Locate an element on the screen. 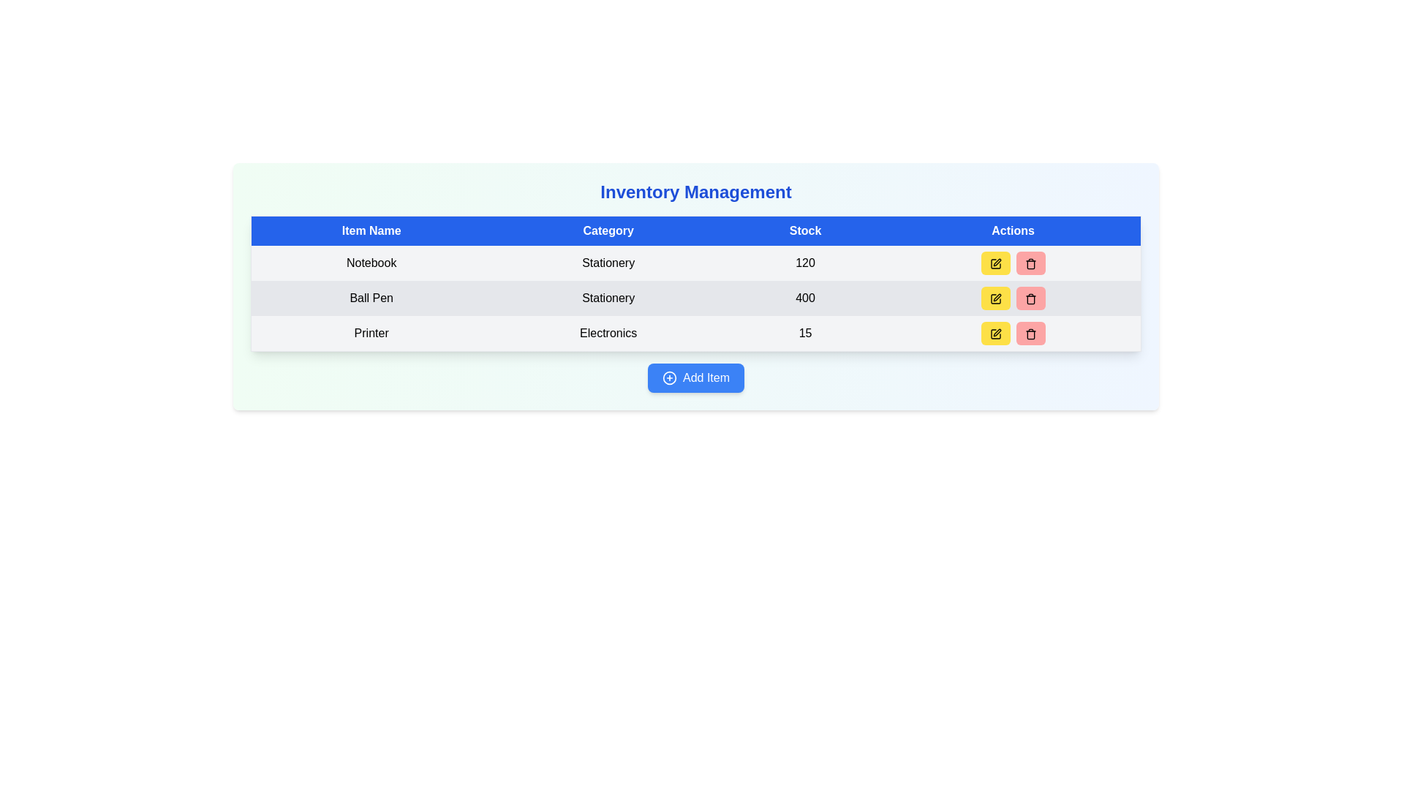  the yellow Edit button with a black pen icon in the Actions section of the row corresponding to 'Notebook' is located at coordinates (1012, 262).